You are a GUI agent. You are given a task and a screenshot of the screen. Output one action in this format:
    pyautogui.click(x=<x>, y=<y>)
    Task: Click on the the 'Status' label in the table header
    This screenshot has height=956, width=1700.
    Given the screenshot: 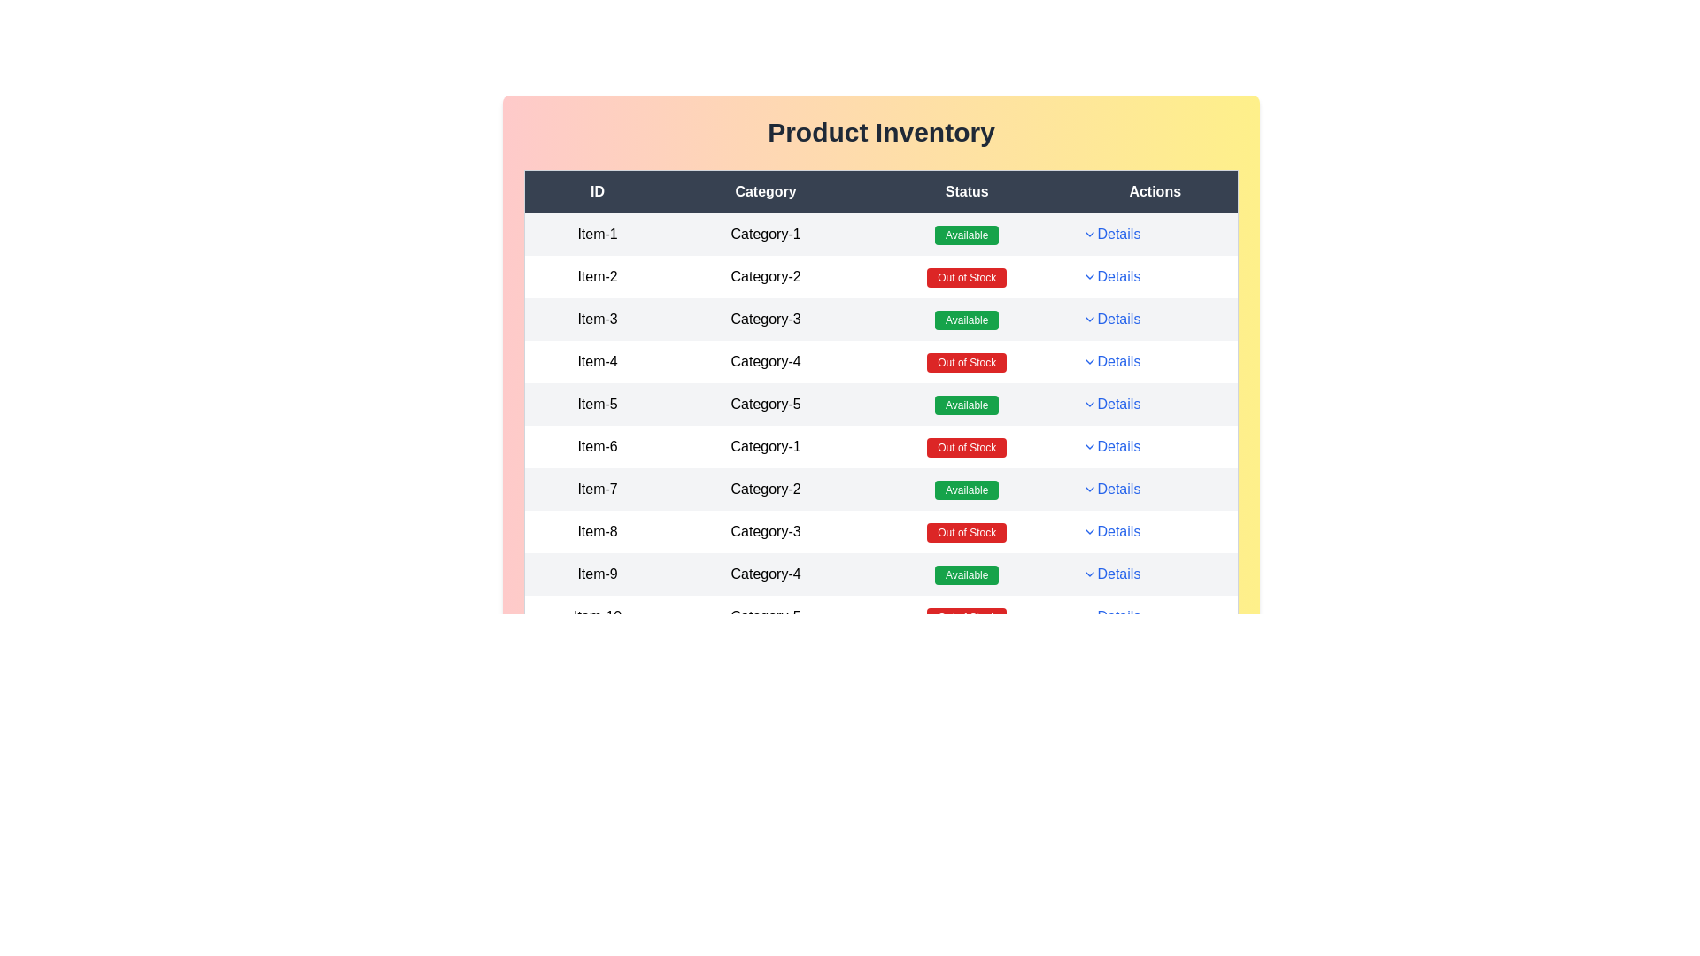 What is the action you would take?
    pyautogui.click(x=965, y=191)
    